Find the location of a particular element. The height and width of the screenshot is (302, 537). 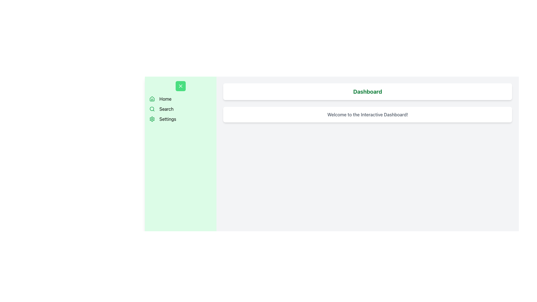

the 'Dashboard' heading, which is a white rectangular box with rounded corners displaying bold green text centered within it is located at coordinates (368, 91).